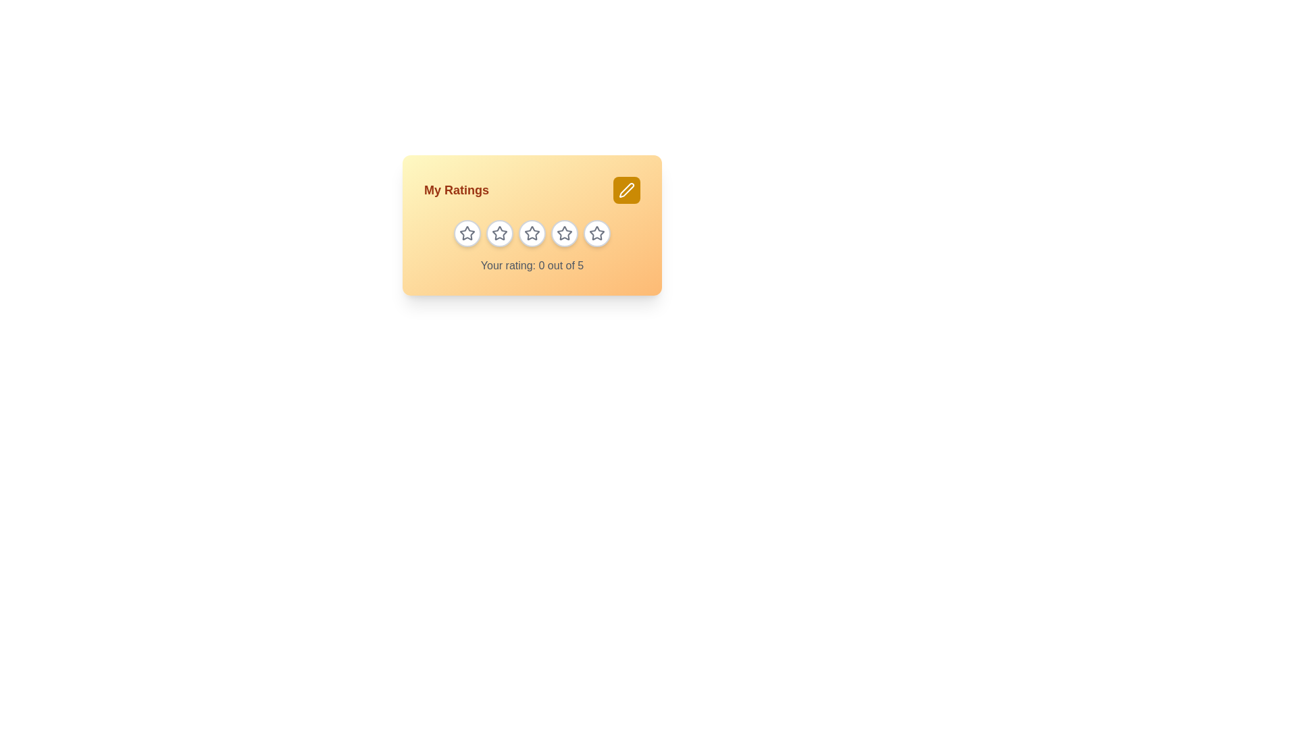  I want to click on the pen icon located within the yellow button in the top-right corner of the 'My Ratings' section, so click(626, 190).